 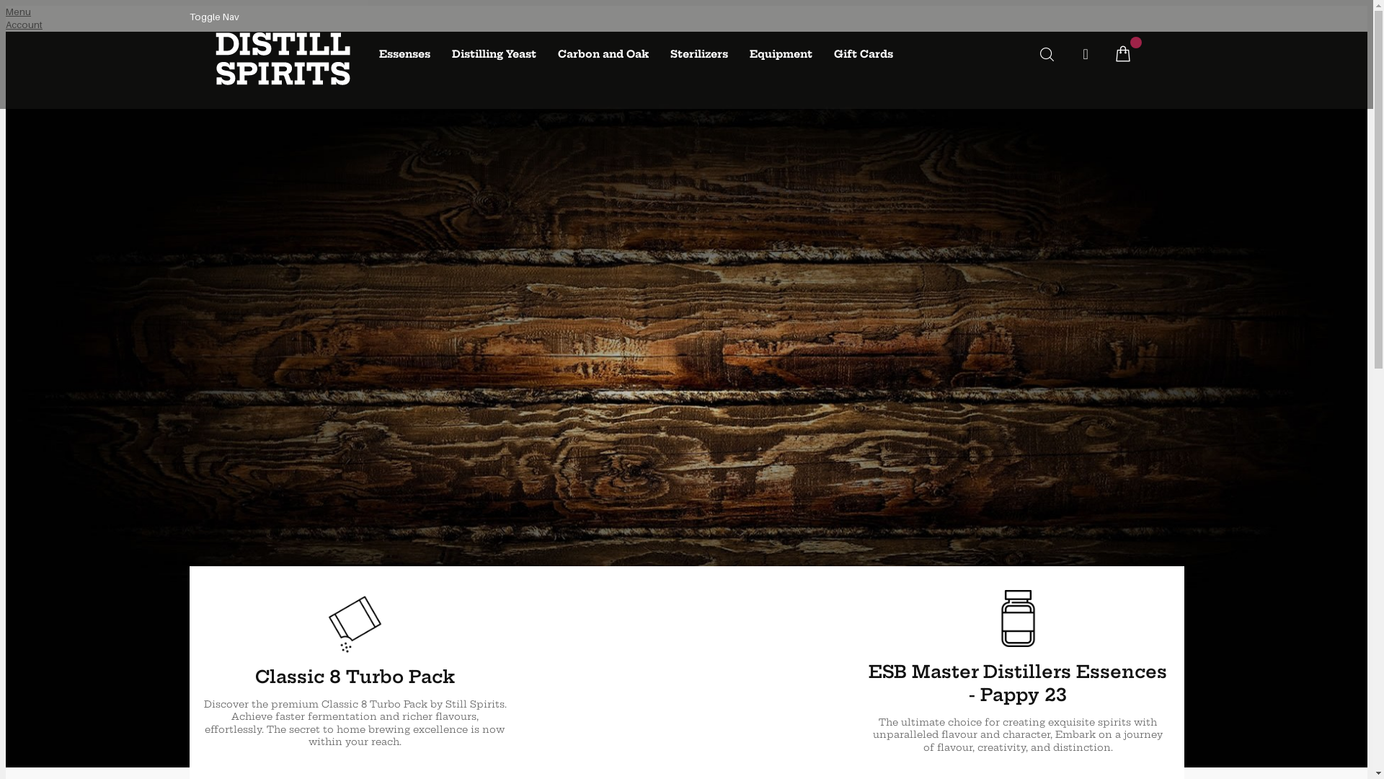 What do you see at coordinates (823, 53) in the screenshot?
I see `'Gift Cards'` at bounding box center [823, 53].